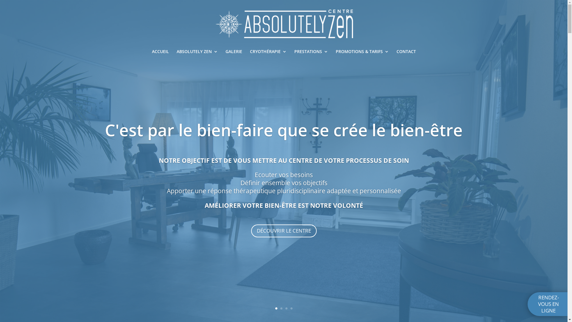  What do you see at coordinates (286, 308) in the screenshot?
I see `'3'` at bounding box center [286, 308].